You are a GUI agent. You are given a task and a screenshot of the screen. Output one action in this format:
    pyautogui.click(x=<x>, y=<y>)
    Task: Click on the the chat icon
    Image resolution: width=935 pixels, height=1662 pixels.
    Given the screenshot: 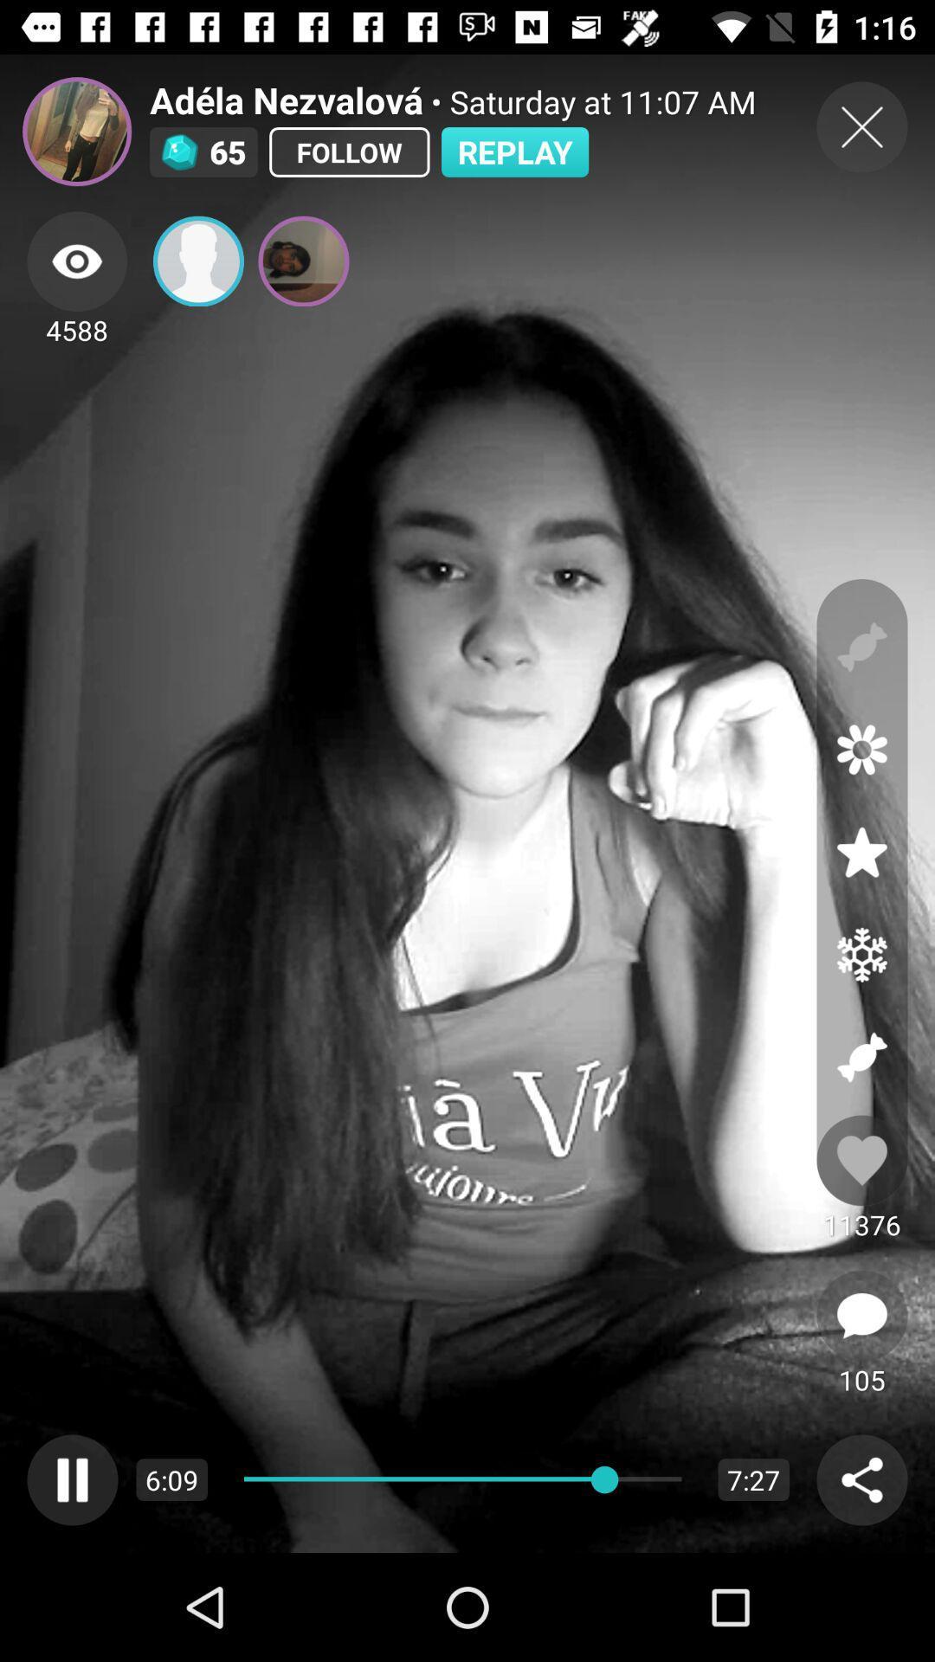 What is the action you would take?
    pyautogui.click(x=861, y=1316)
    